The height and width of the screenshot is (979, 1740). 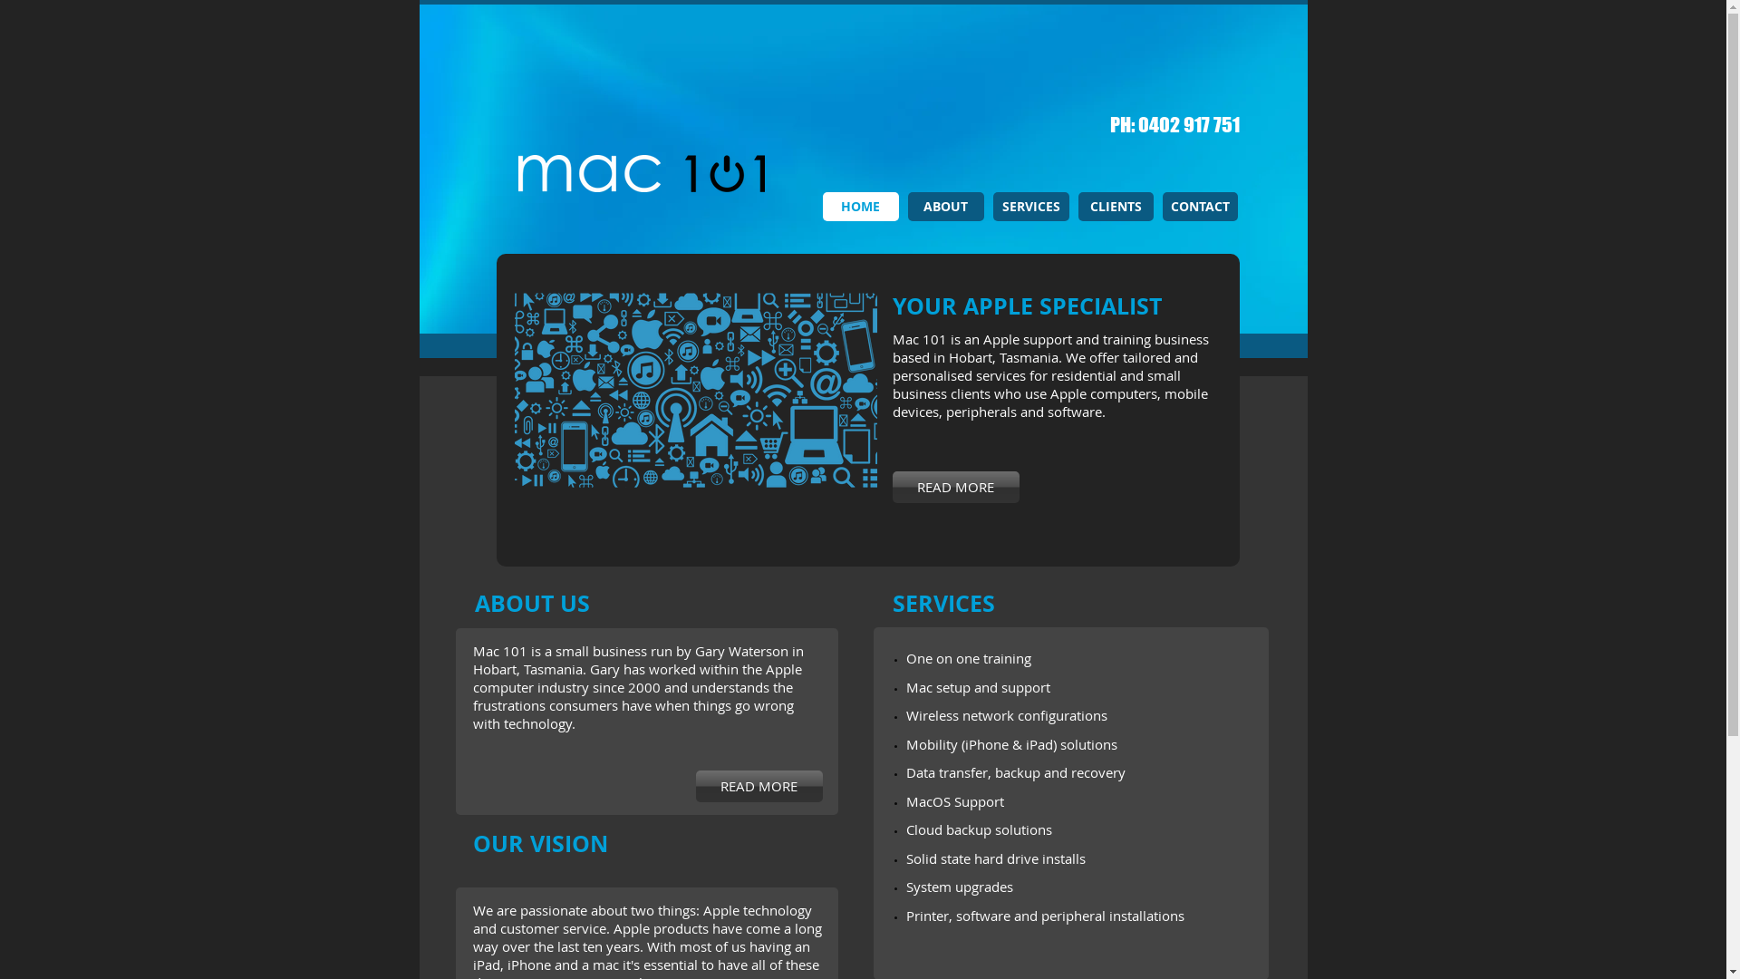 What do you see at coordinates (399, 173) in the screenshot?
I see `'Mac 101'` at bounding box center [399, 173].